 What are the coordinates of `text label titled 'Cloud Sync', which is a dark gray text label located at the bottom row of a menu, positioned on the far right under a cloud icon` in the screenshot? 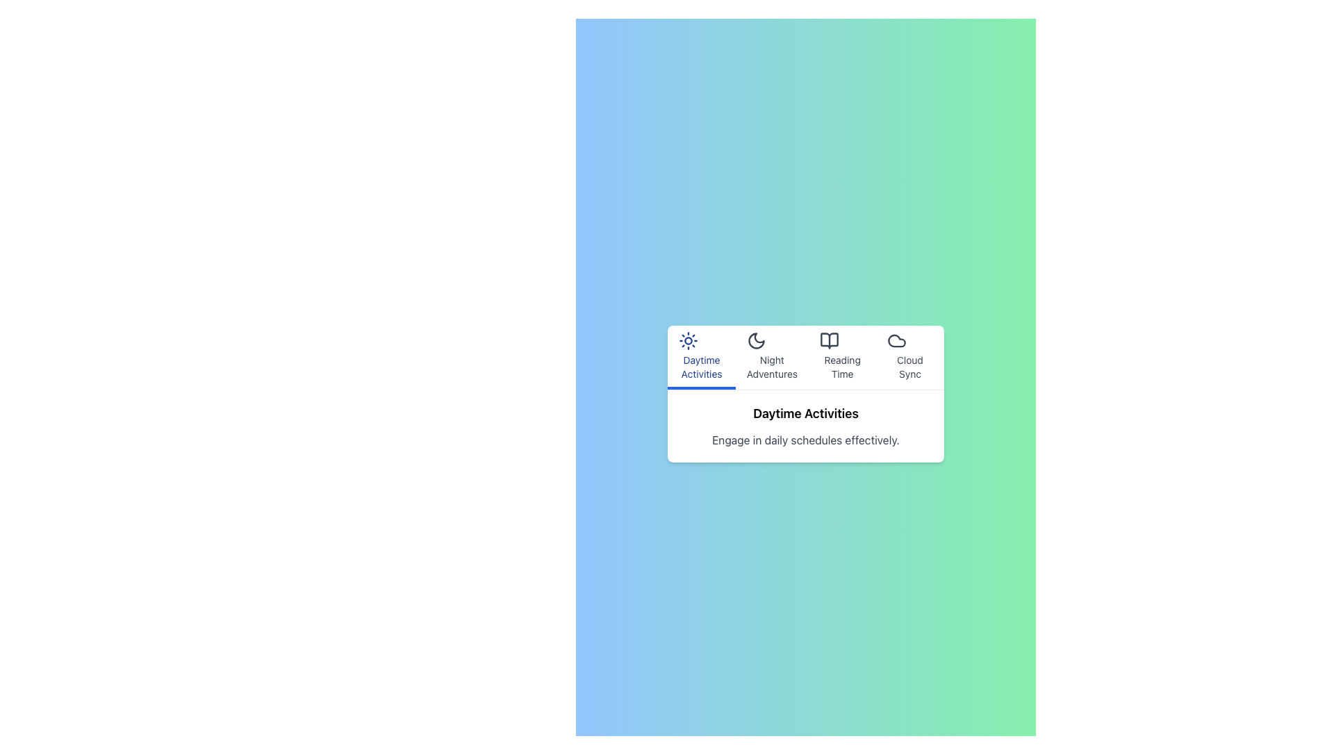 It's located at (910, 366).